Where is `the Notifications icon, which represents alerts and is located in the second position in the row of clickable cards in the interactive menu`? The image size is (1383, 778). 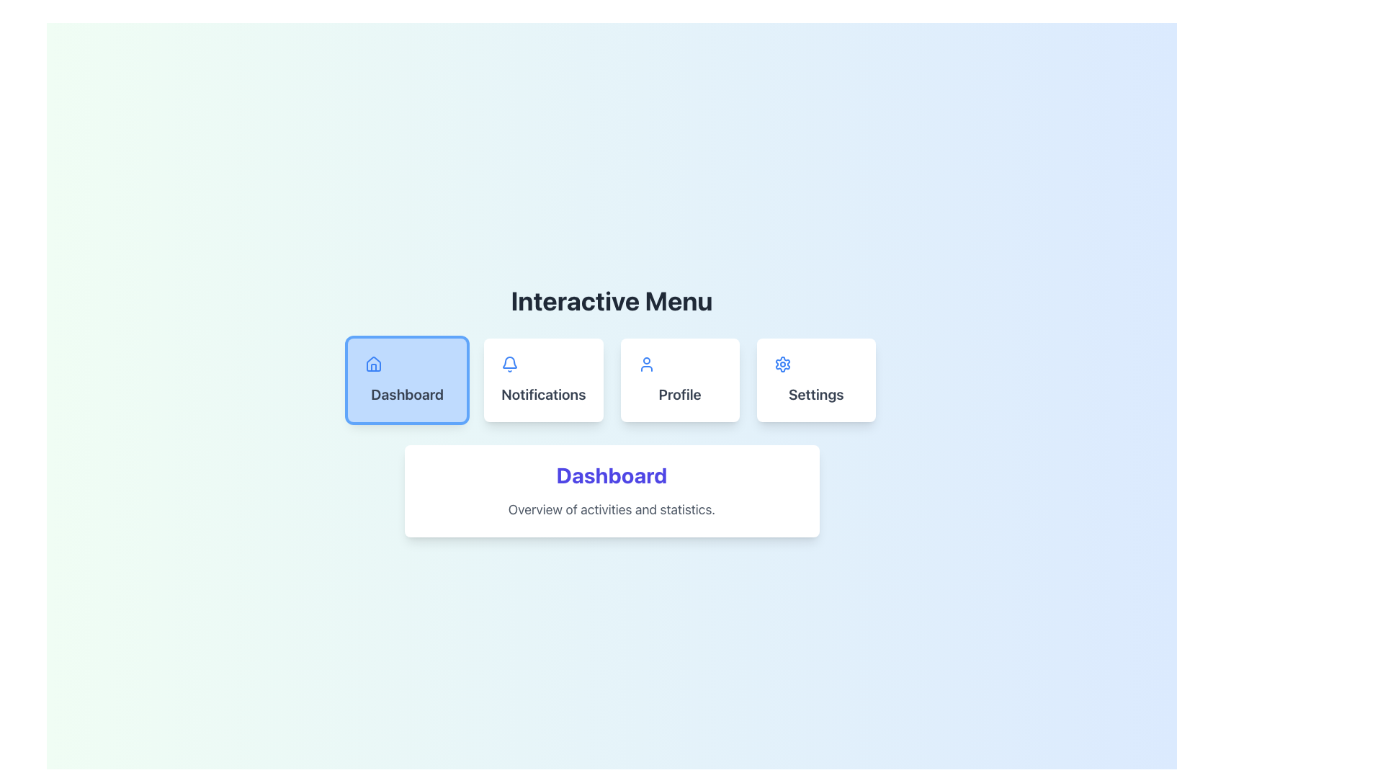
the Notifications icon, which represents alerts and is located in the second position in the row of clickable cards in the interactive menu is located at coordinates (510, 362).